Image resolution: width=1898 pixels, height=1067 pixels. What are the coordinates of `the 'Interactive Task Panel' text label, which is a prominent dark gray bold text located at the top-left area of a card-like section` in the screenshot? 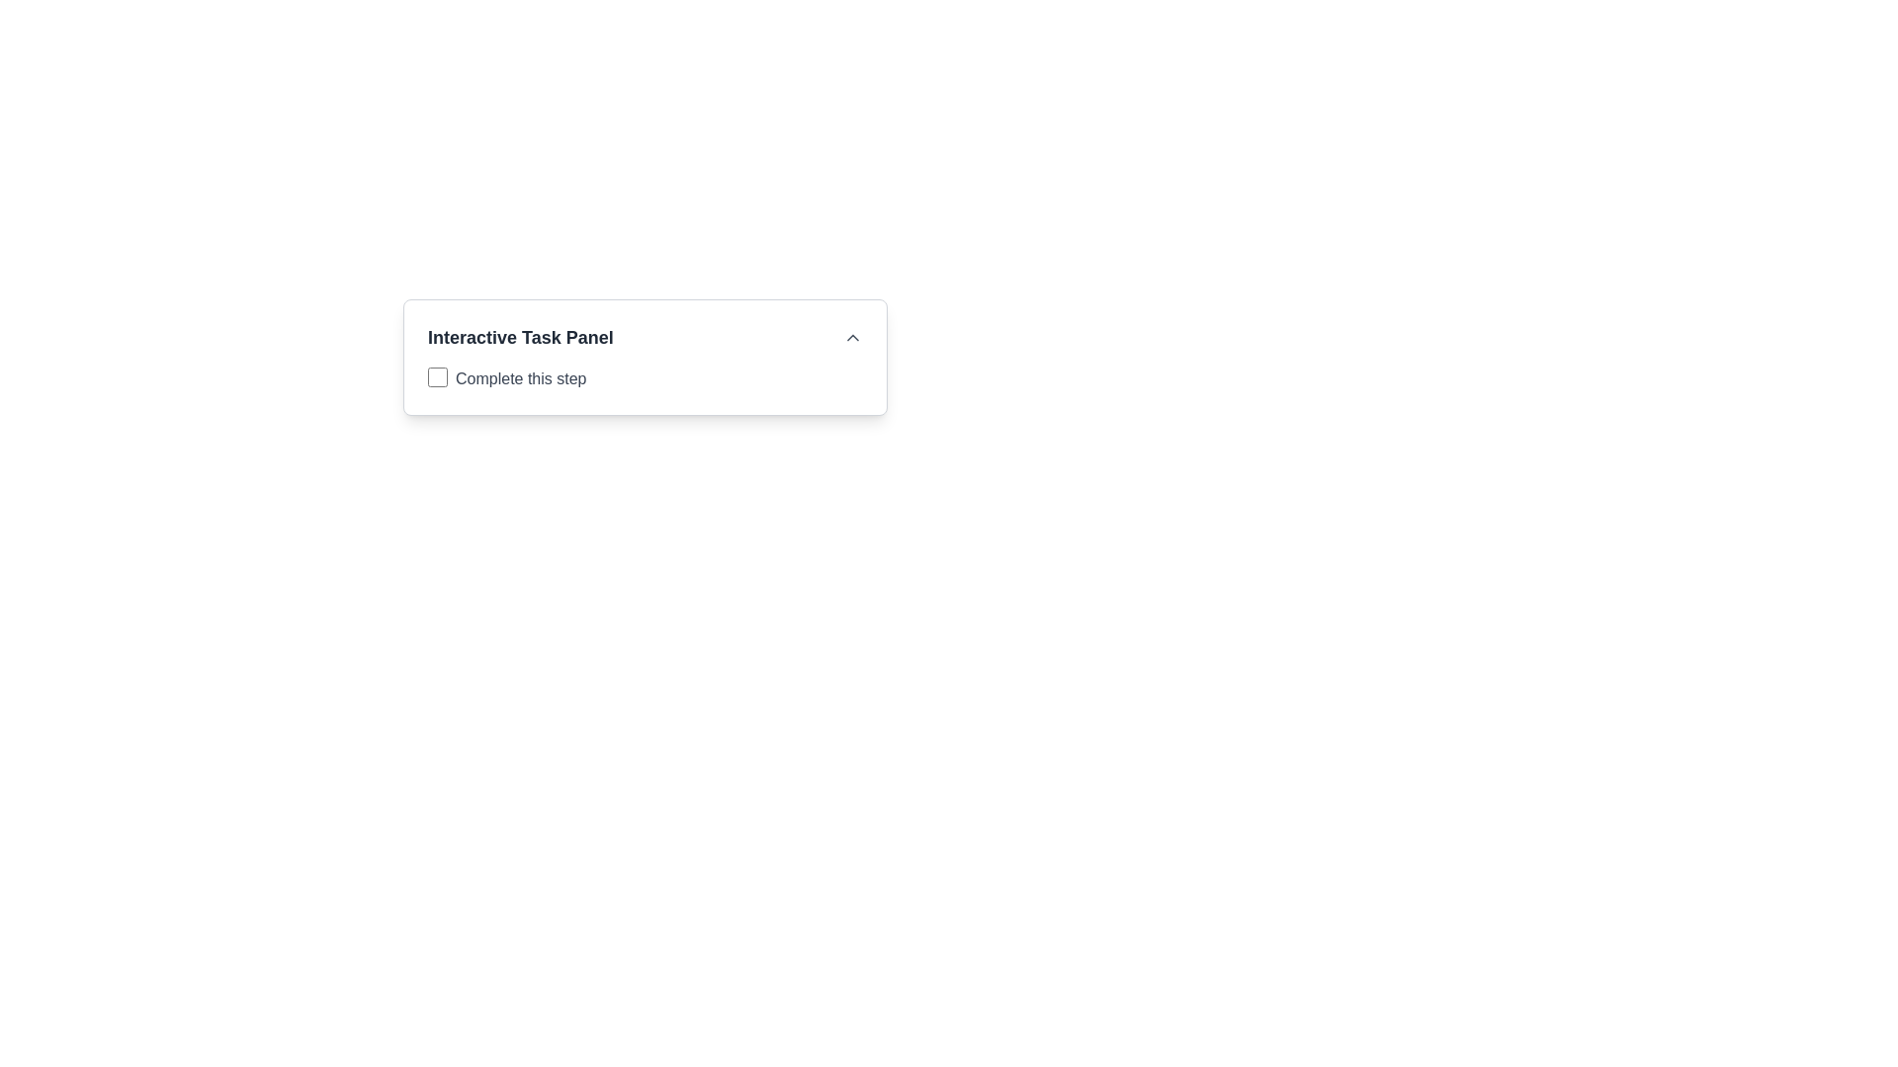 It's located at (520, 337).